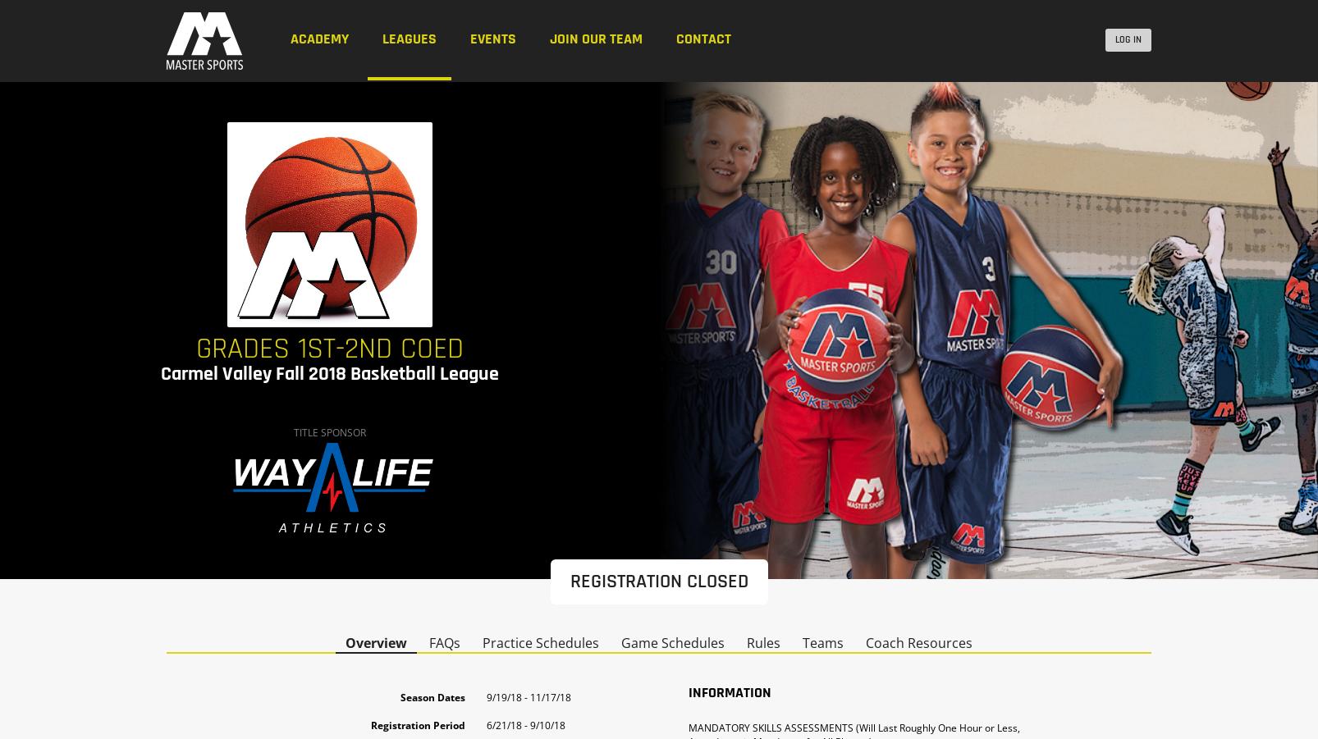 Image resolution: width=1318 pixels, height=739 pixels. What do you see at coordinates (527, 697) in the screenshot?
I see `'9/19/18
-
11/17/18'` at bounding box center [527, 697].